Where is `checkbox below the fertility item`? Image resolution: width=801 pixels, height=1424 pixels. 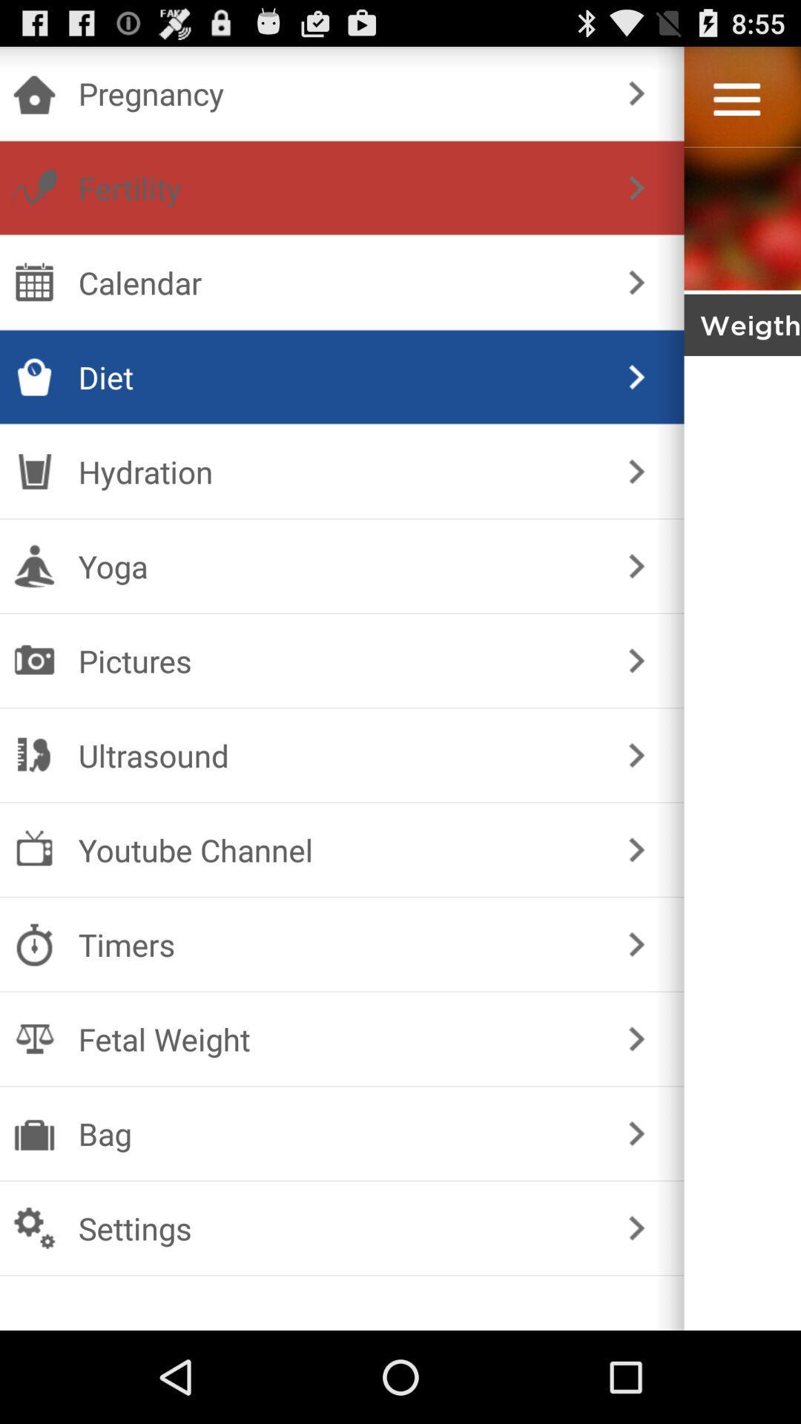 checkbox below the fertility item is located at coordinates (339, 282).